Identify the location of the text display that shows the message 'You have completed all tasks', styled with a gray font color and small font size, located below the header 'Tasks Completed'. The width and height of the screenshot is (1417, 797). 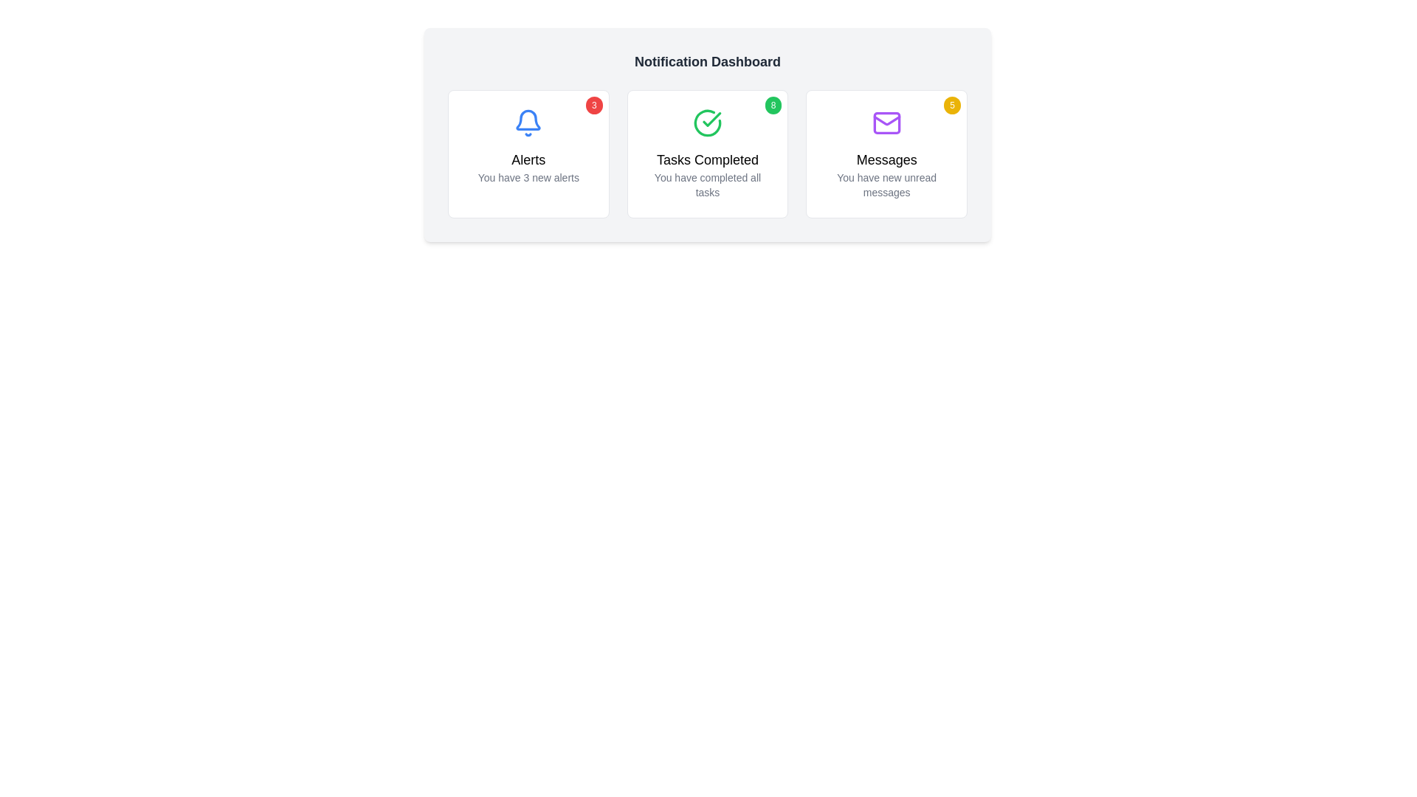
(707, 184).